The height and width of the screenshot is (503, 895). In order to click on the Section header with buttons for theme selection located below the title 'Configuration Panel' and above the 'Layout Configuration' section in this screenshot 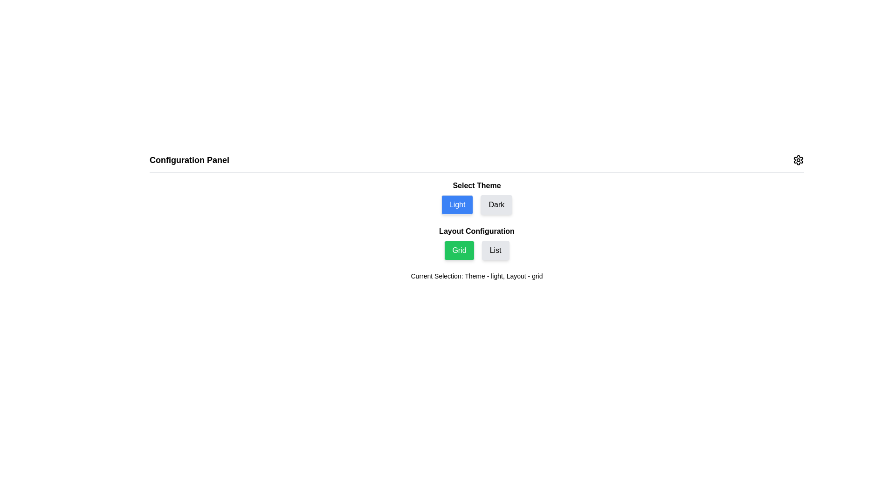, I will do `click(476, 197)`.